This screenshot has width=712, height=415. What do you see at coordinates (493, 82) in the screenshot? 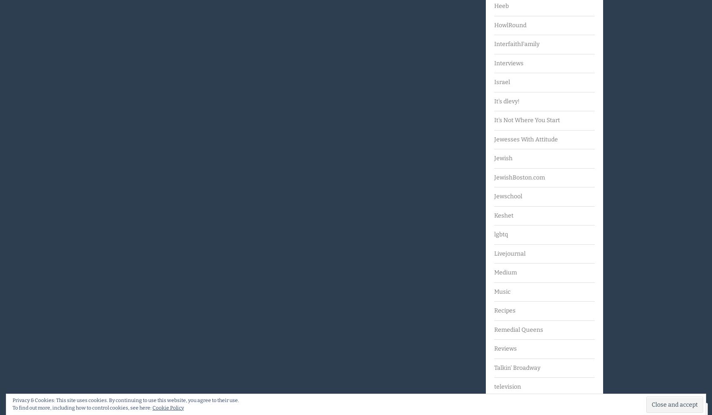
I see `'Israel'` at bounding box center [493, 82].